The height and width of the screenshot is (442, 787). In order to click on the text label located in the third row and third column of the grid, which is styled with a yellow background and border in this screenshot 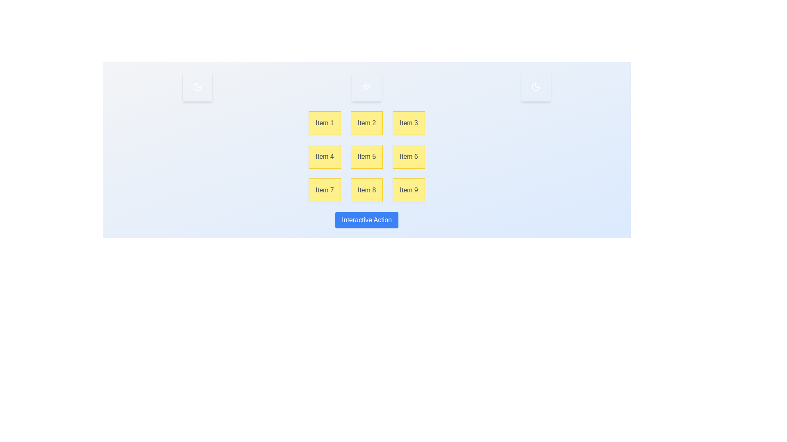, I will do `click(409, 190)`.